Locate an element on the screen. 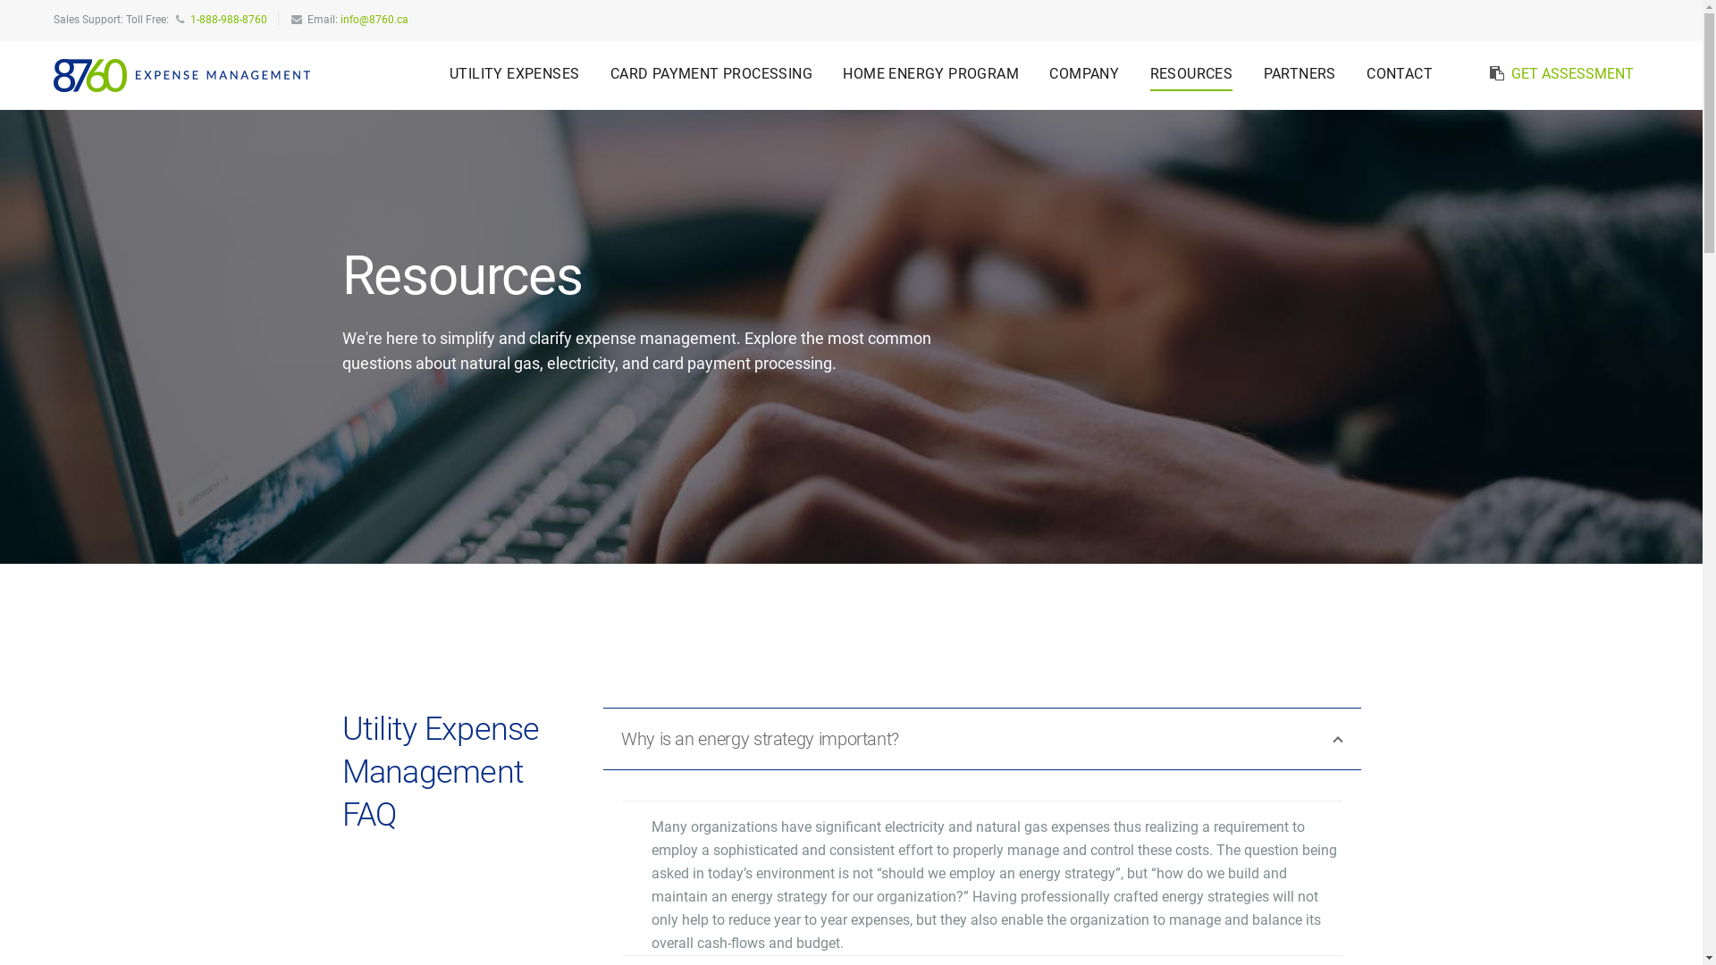  '1-888-988-8760' is located at coordinates (227, 20).